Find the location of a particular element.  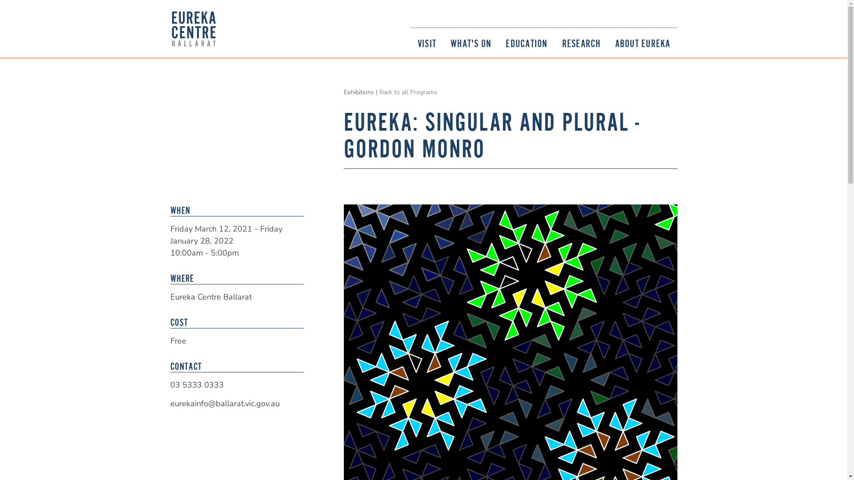

'ABOUT EUREKA' is located at coordinates (642, 43).